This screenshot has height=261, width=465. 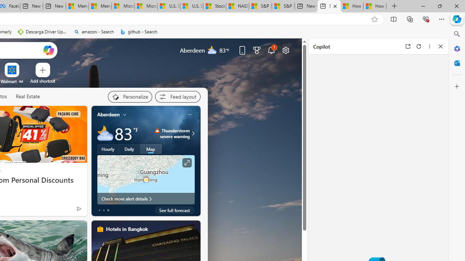 What do you see at coordinates (193, 133) in the screenshot?
I see `'Class: weather-arrow-glyph'` at bounding box center [193, 133].